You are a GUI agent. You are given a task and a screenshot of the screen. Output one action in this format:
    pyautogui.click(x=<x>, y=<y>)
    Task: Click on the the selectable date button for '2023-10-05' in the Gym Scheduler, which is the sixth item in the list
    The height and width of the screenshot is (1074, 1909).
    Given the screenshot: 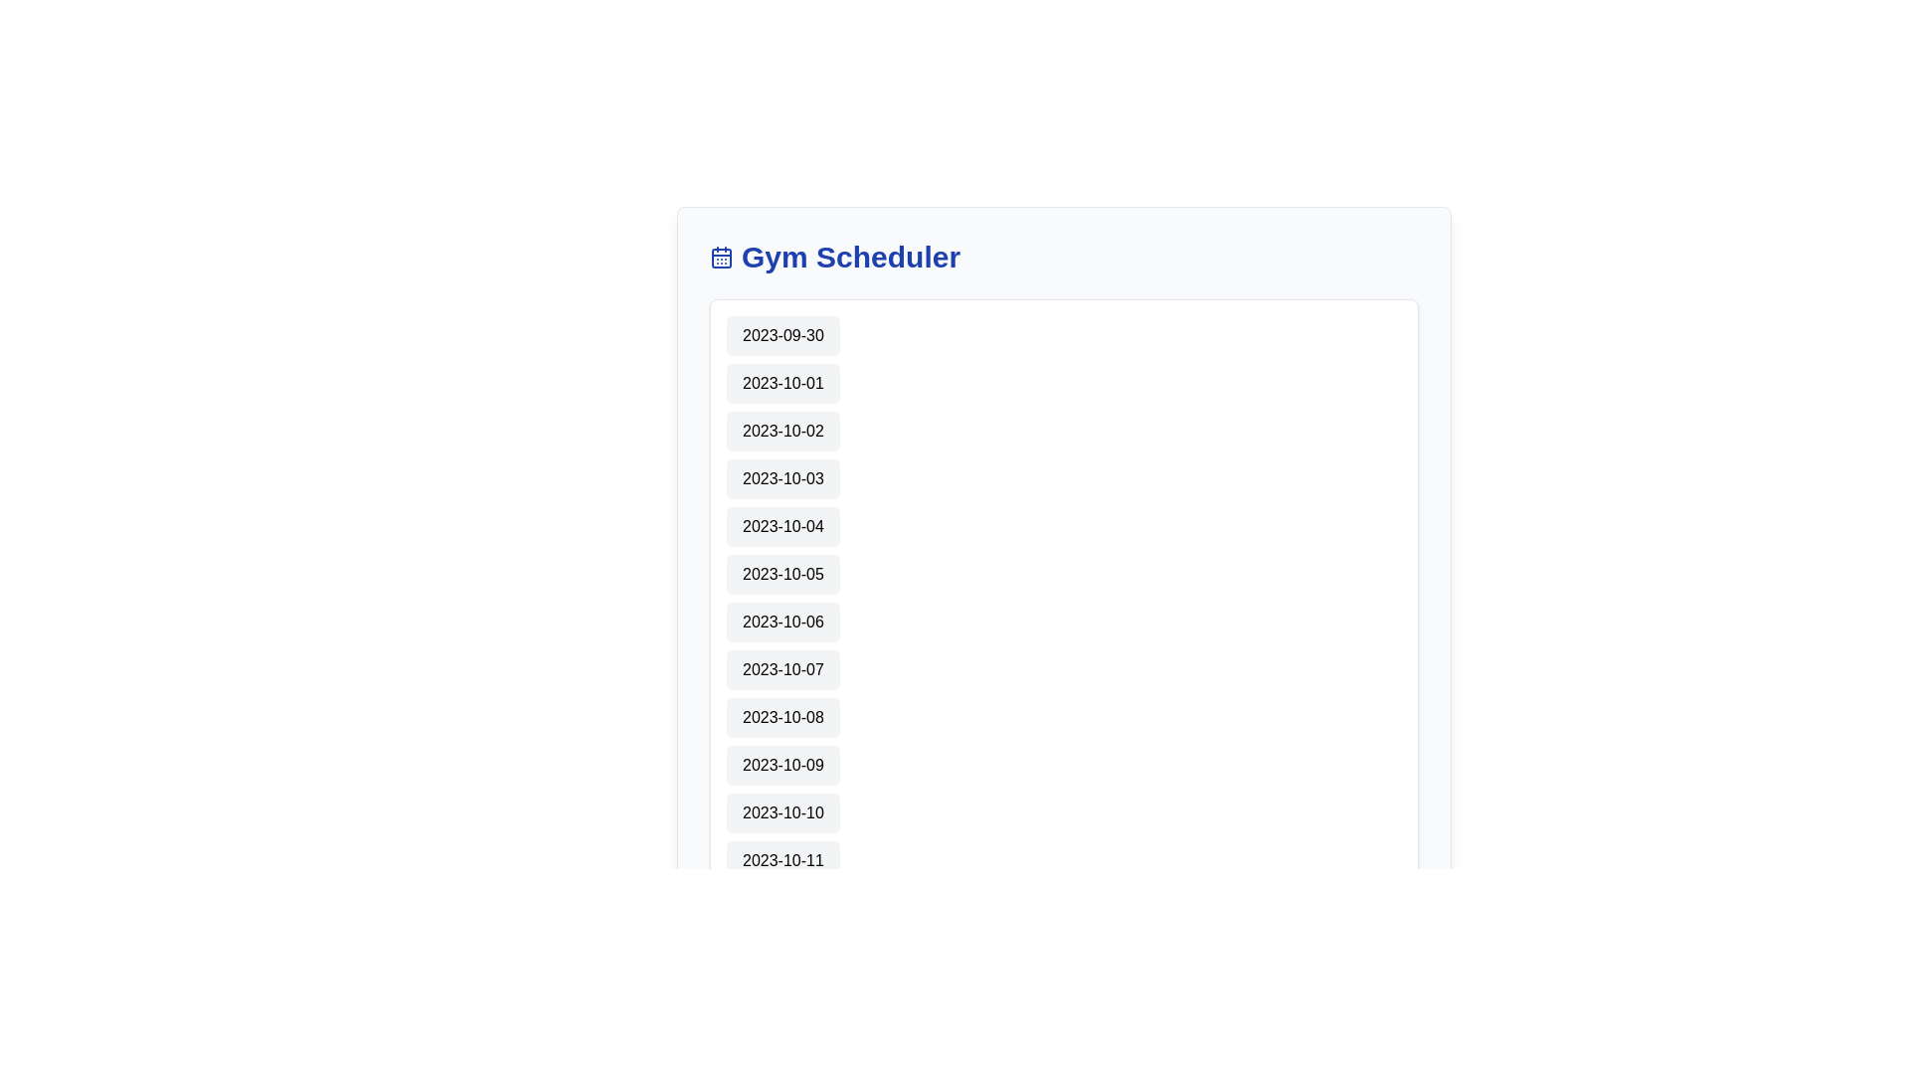 What is the action you would take?
    pyautogui.click(x=781, y=575)
    